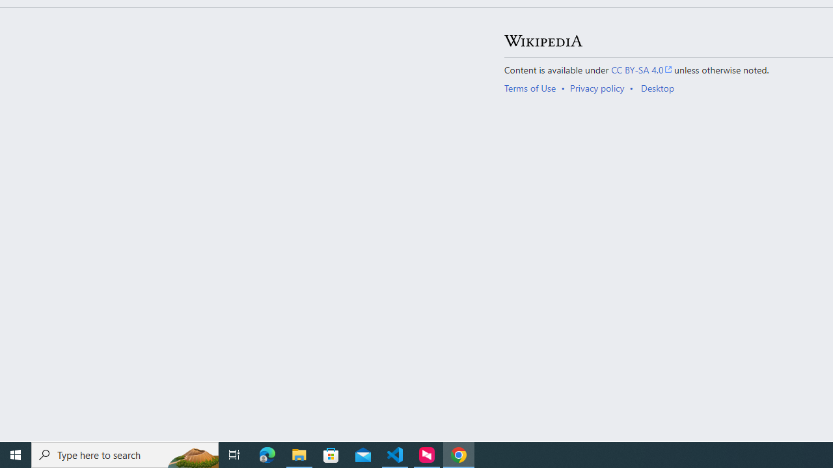 This screenshot has width=833, height=468. I want to click on 'Terms of Use', so click(530, 88).